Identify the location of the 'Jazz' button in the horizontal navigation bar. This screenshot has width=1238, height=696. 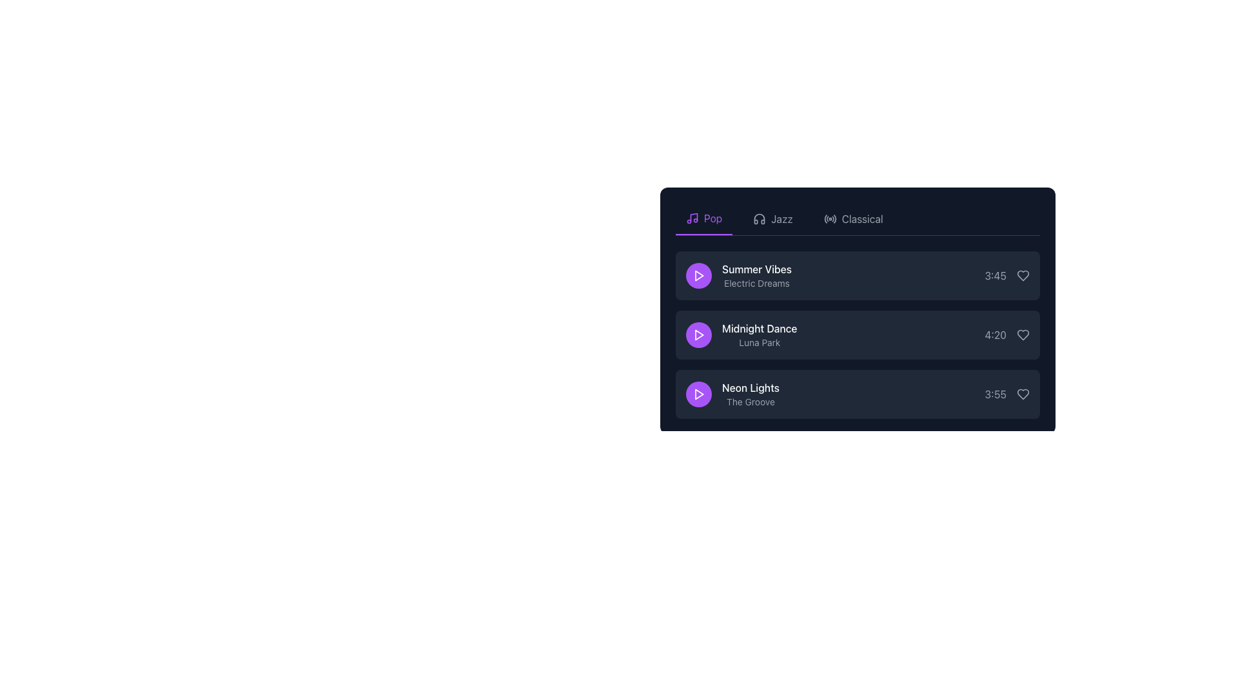
(772, 218).